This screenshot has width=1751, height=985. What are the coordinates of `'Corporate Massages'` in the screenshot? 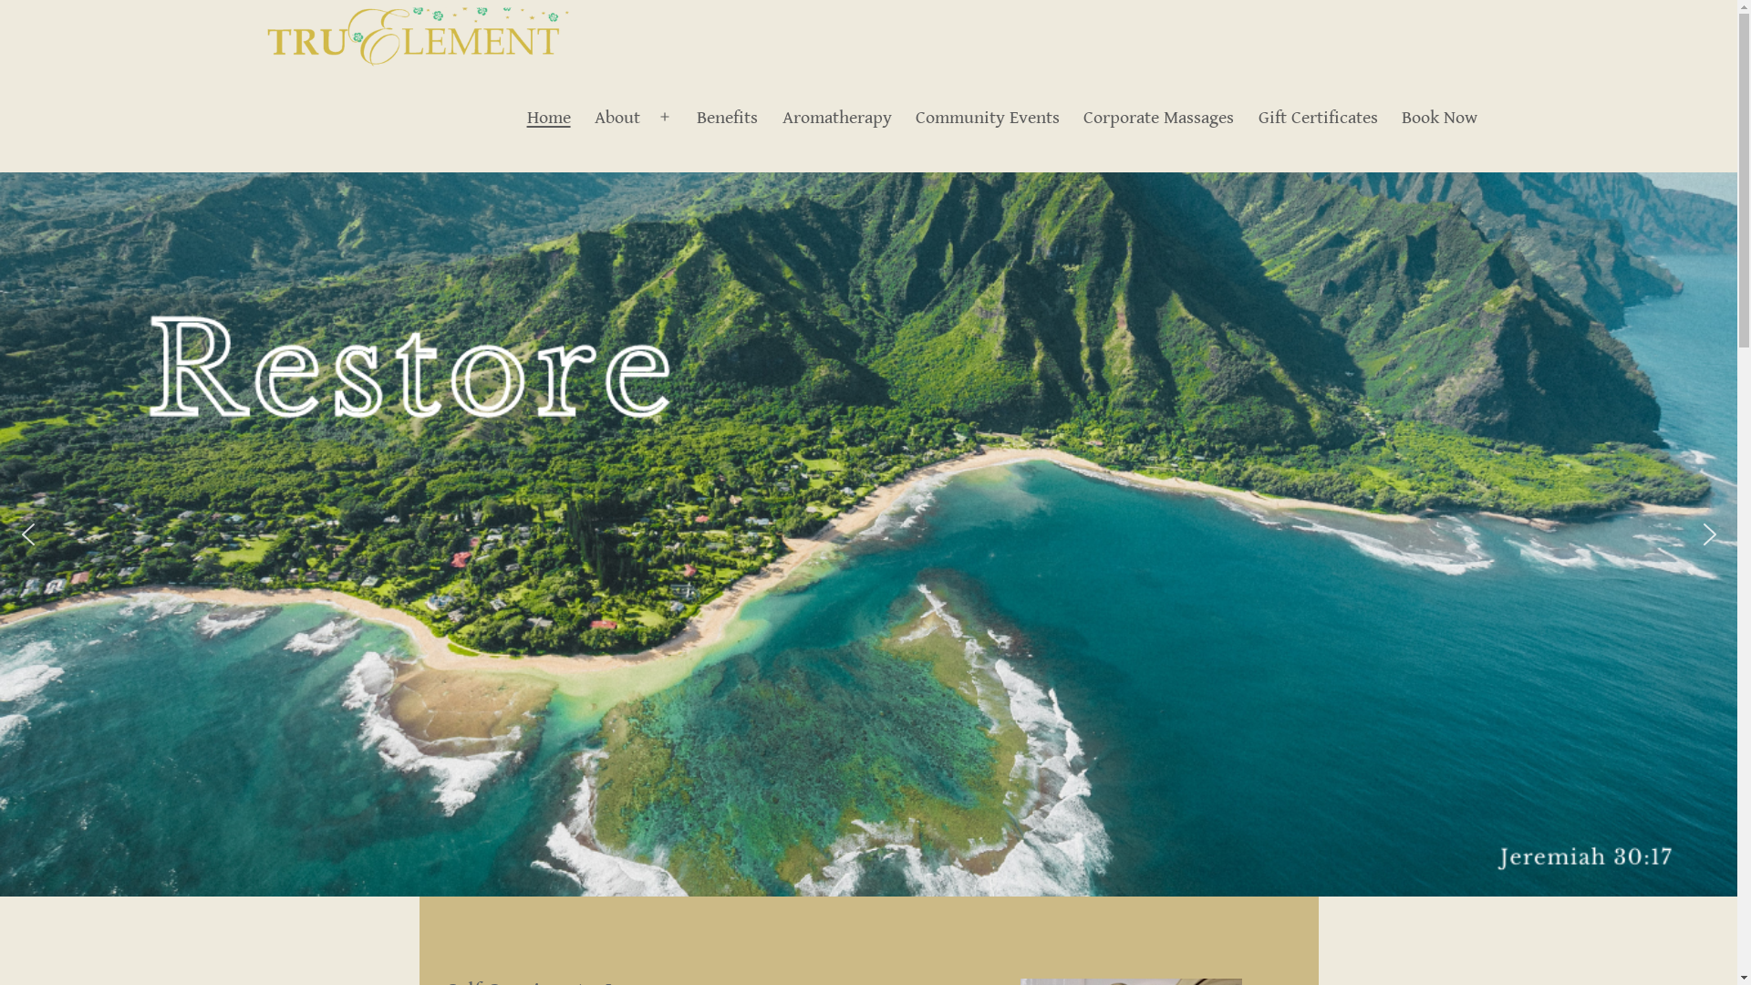 It's located at (1157, 118).